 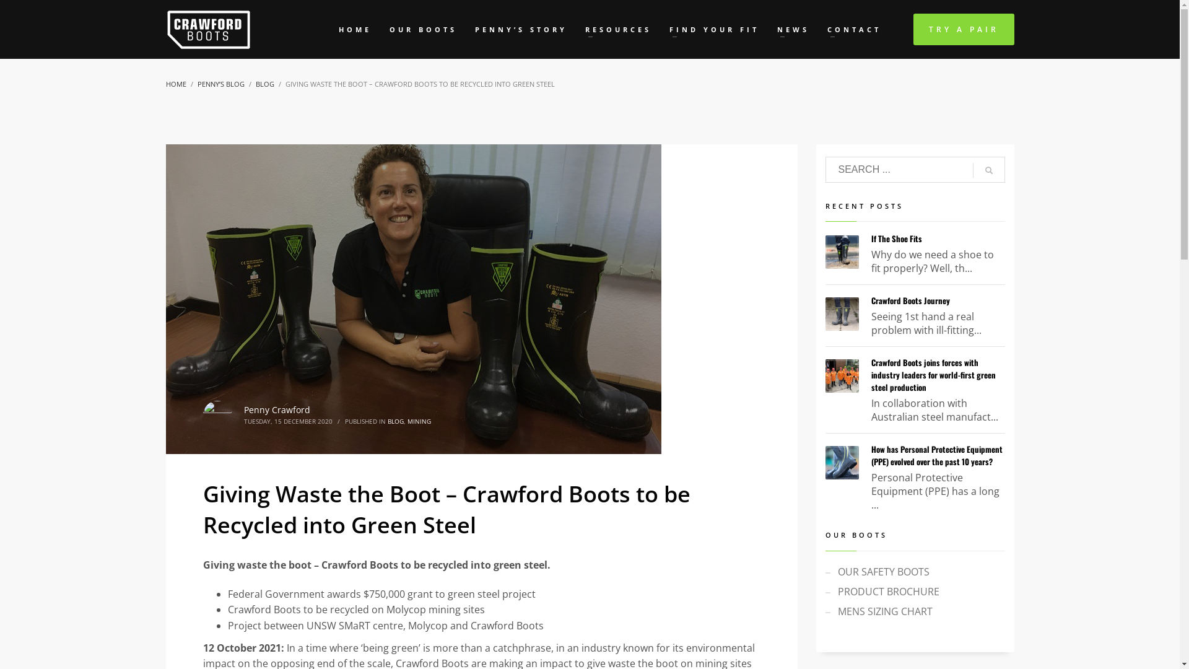 What do you see at coordinates (895, 238) in the screenshot?
I see `'If The Shoe Fits'` at bounding box center [895, 238].